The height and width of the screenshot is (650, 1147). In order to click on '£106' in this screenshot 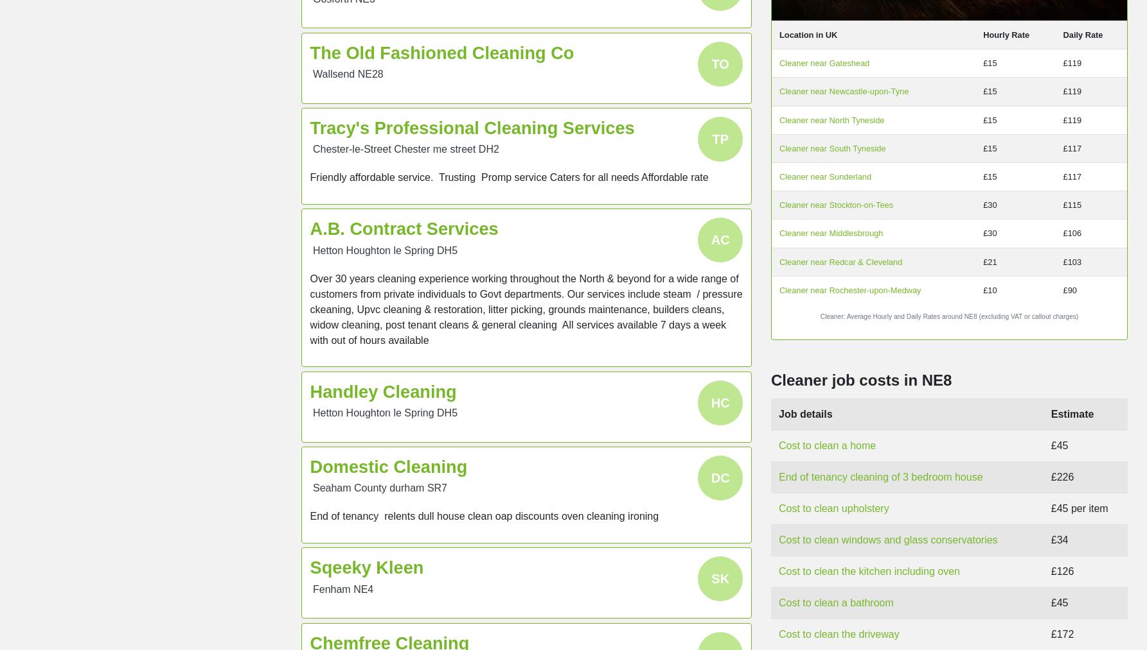, I will do `click(1071, 233)`.